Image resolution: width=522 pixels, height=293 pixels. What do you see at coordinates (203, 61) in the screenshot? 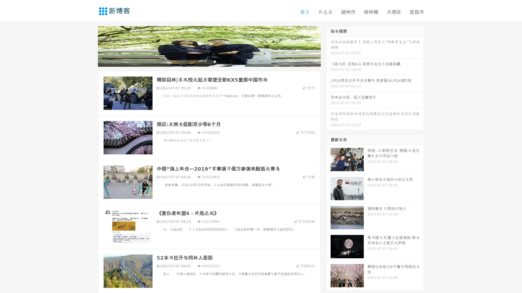
I see `Go to slide 1` at bounding box center [203, 61].